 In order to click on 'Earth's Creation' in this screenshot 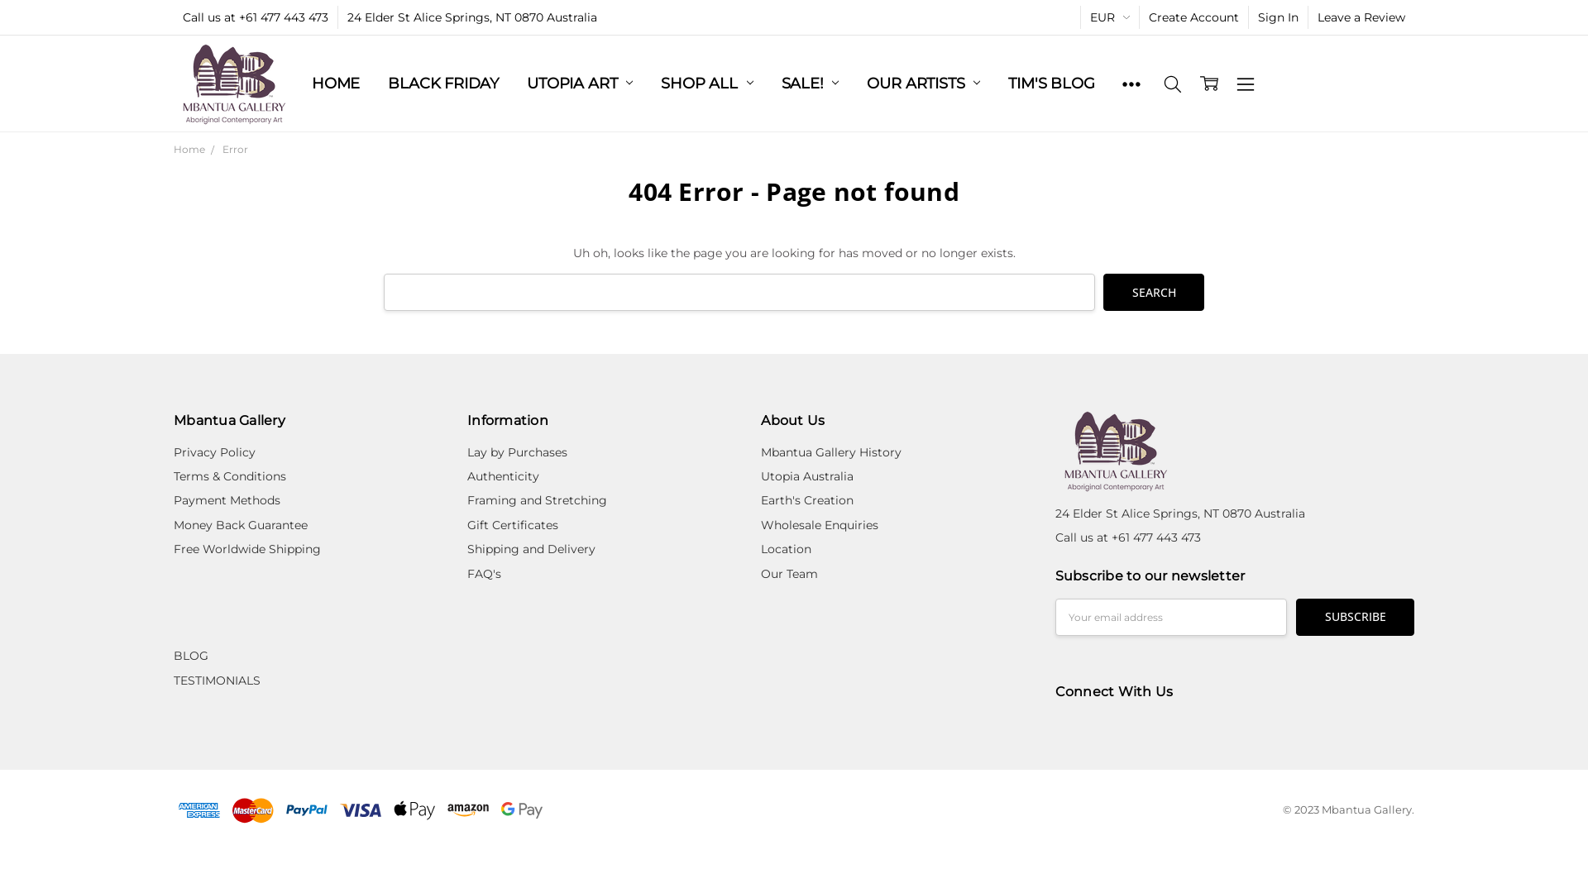, I will do `click(806, 499)`.